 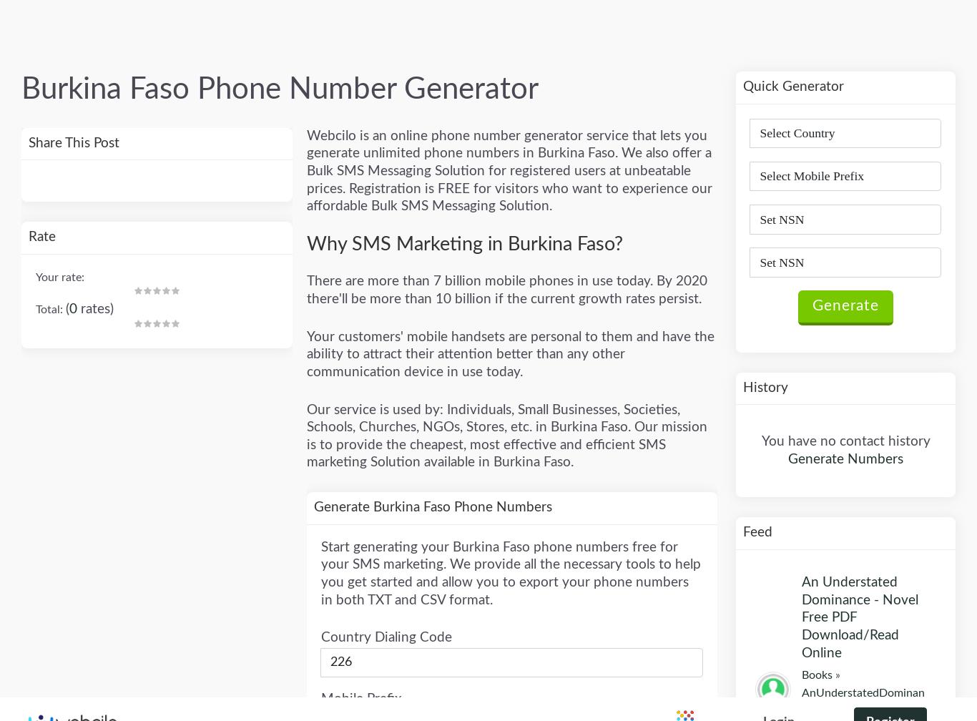 What do you see at coordinates (840, 99) in the screenshot?
I see `'singhsau001'` at bounding box center [840, 99].